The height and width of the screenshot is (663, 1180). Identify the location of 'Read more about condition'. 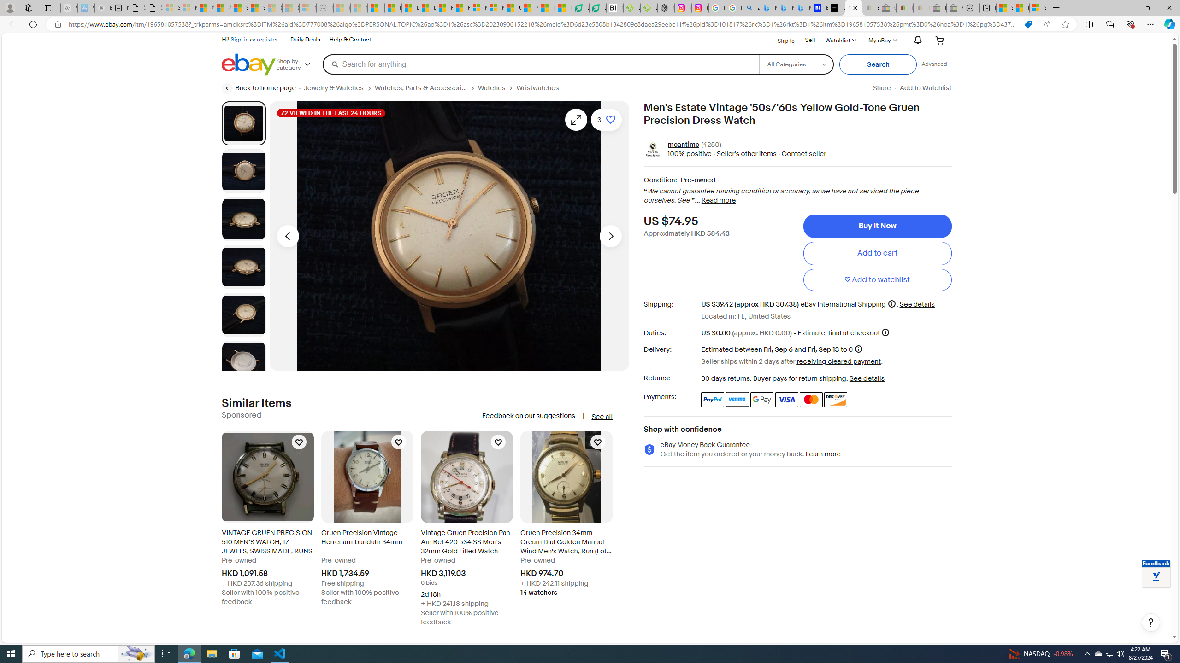
(718, 201).